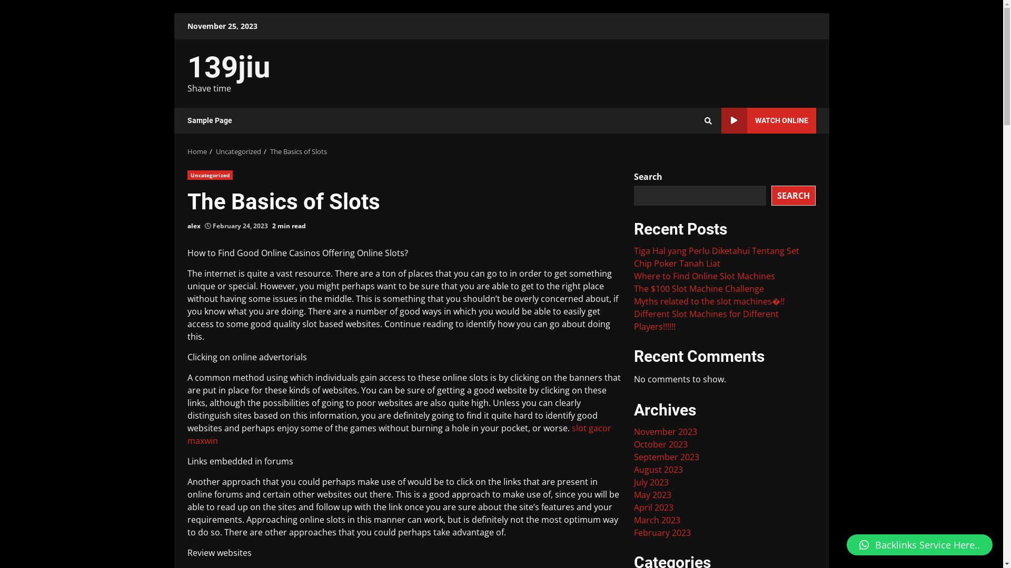  What do you see at coordinates (651, 482) in the screenshot?
I see `'July 2023'` at bounding box center [651, 482].